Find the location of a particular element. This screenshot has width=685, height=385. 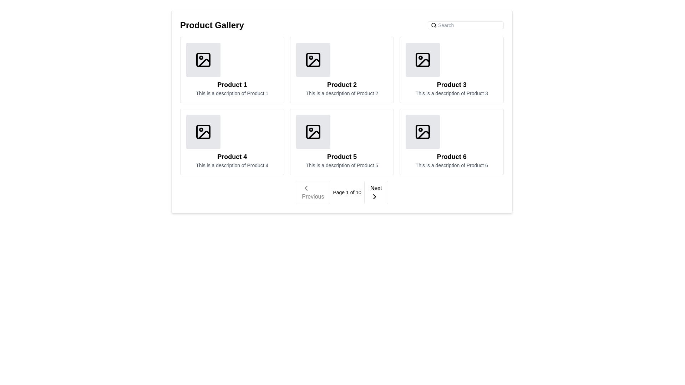

the Image Placeholder located in the leftmost column of the second row above the text 'Product 4' is located at coordinates (203, 132).